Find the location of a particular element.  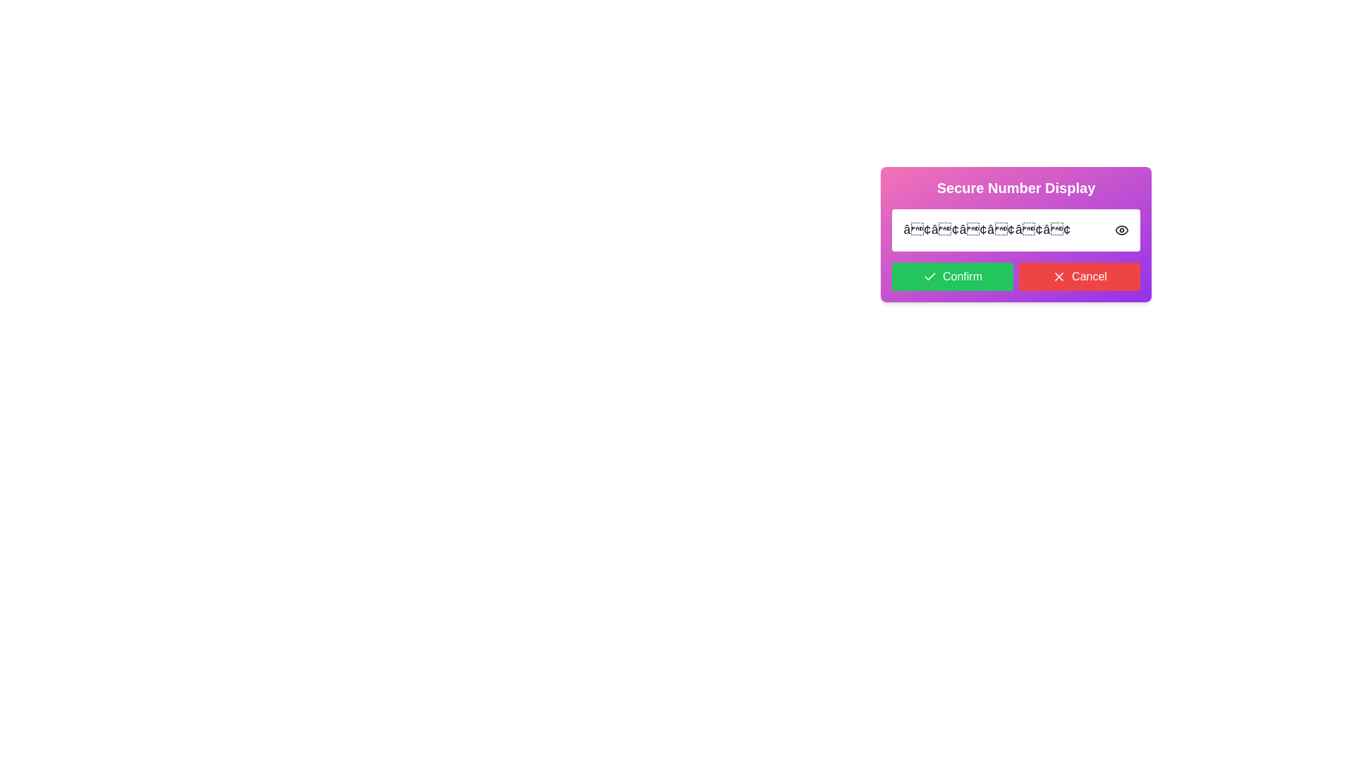

the X-shaped vector graphic element, which serves as a close or cancel icon, located near the right edge of the modal window is located at coordinates (1059, 277).